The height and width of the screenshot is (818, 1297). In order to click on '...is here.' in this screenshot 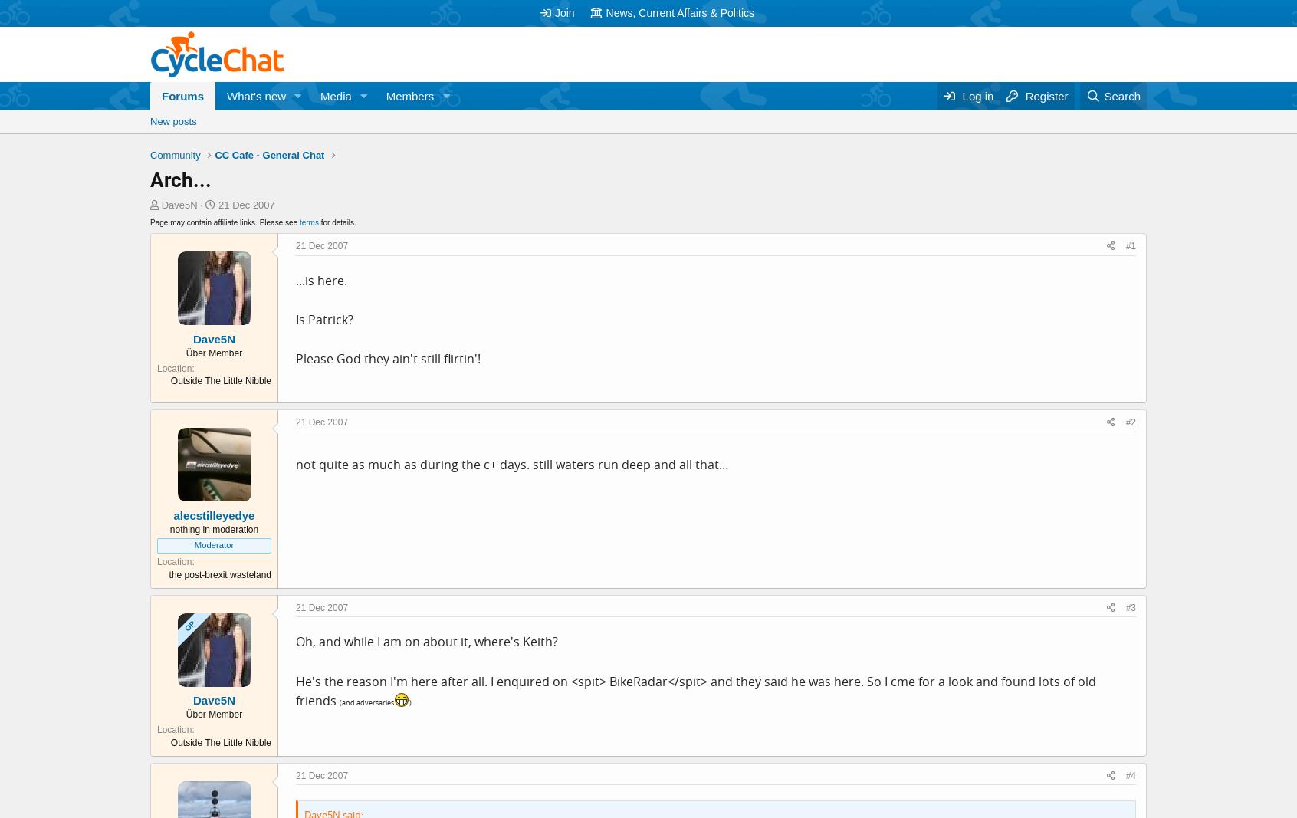, I will do `click(295, 279)`.